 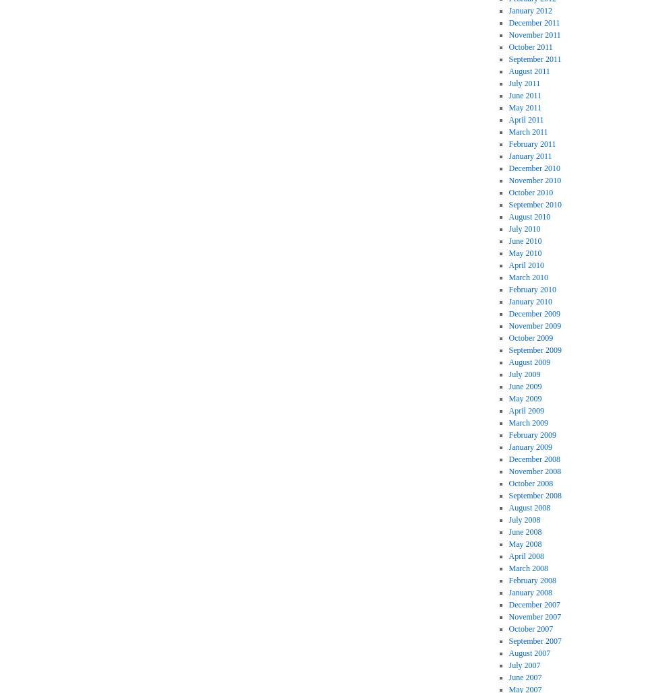 What do you see at coordinates (531, 338) in the screenshot?
I see `'October 2009'` at bounding box center [531, 338].